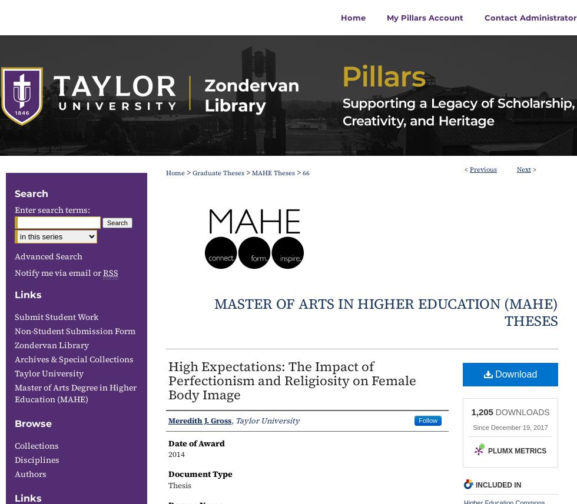  Describe the element at coordinates (33, 423) in the screenshot. I see `'Browse'` at that location.